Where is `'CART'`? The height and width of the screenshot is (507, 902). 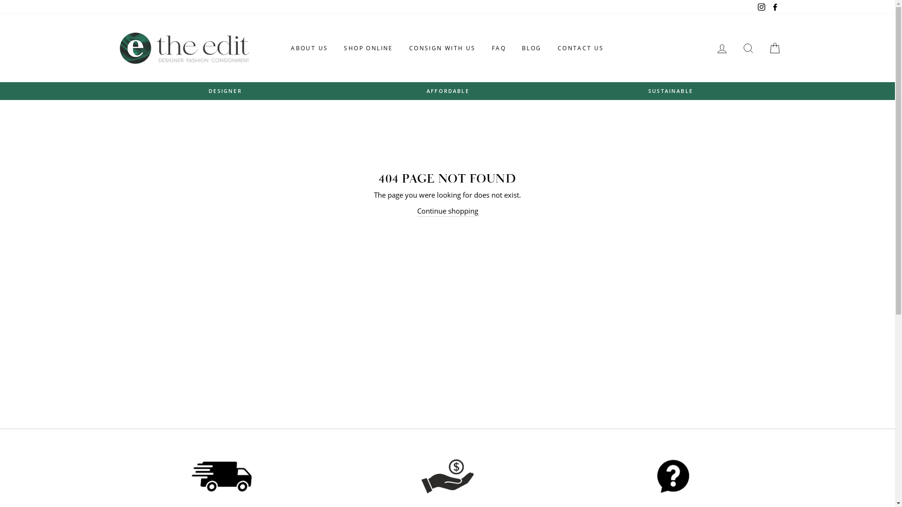 'CART' is located at coordinates (774, 48).